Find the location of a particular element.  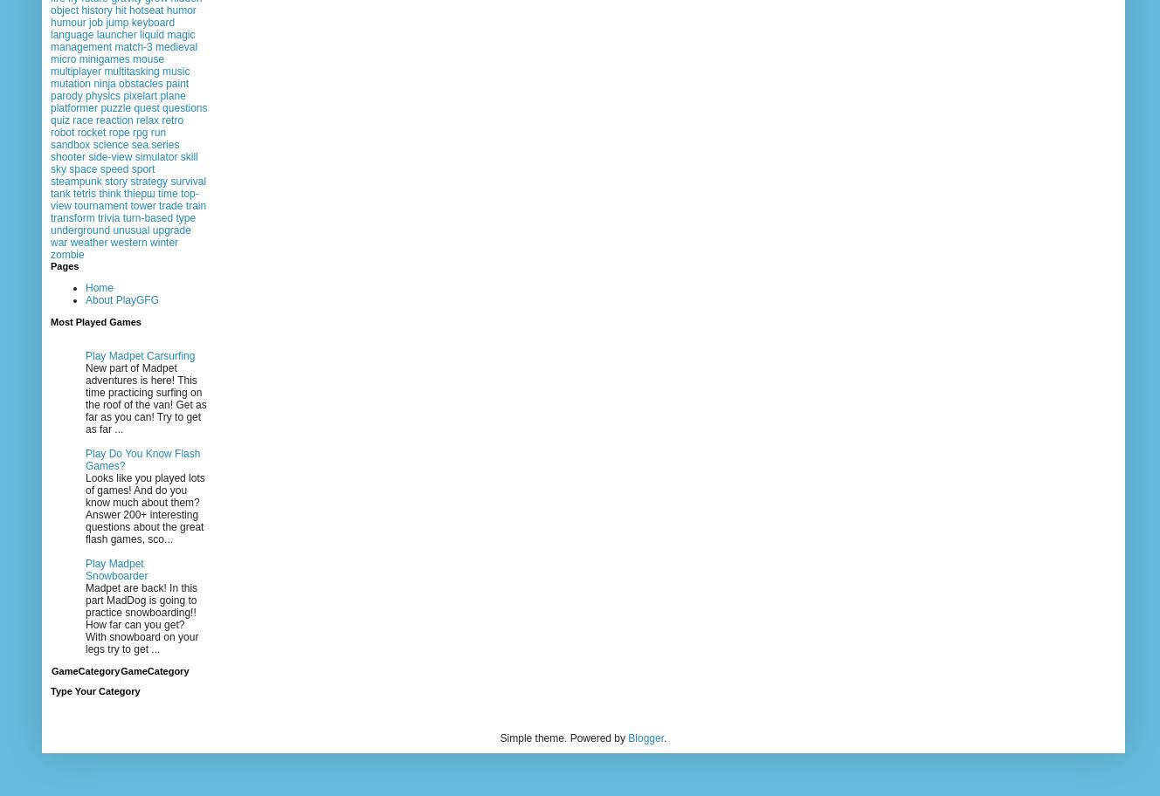

'rpg' is located at coordinates (139, 133).